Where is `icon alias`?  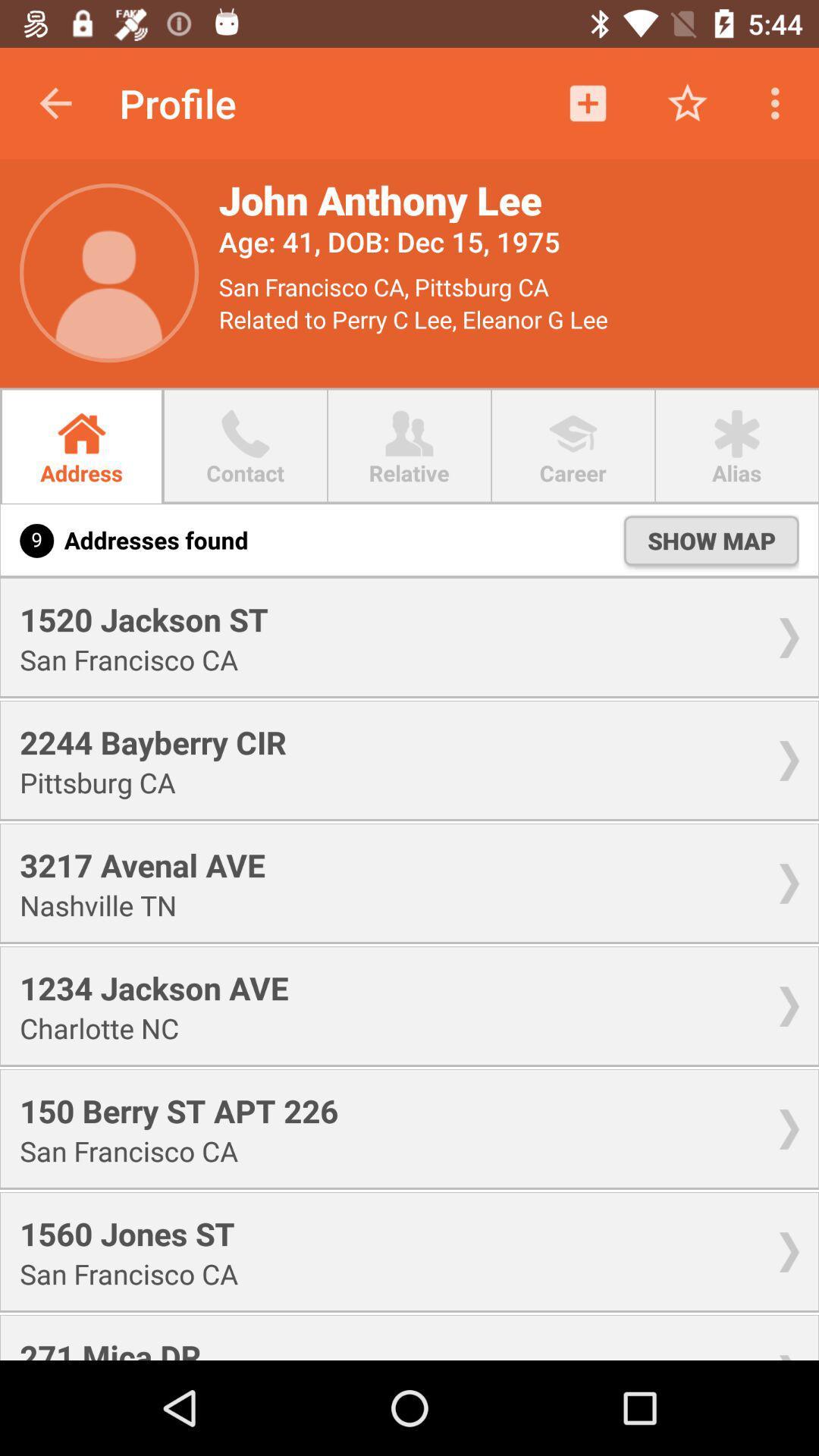 icon alias is located at coordinates (736, 433).